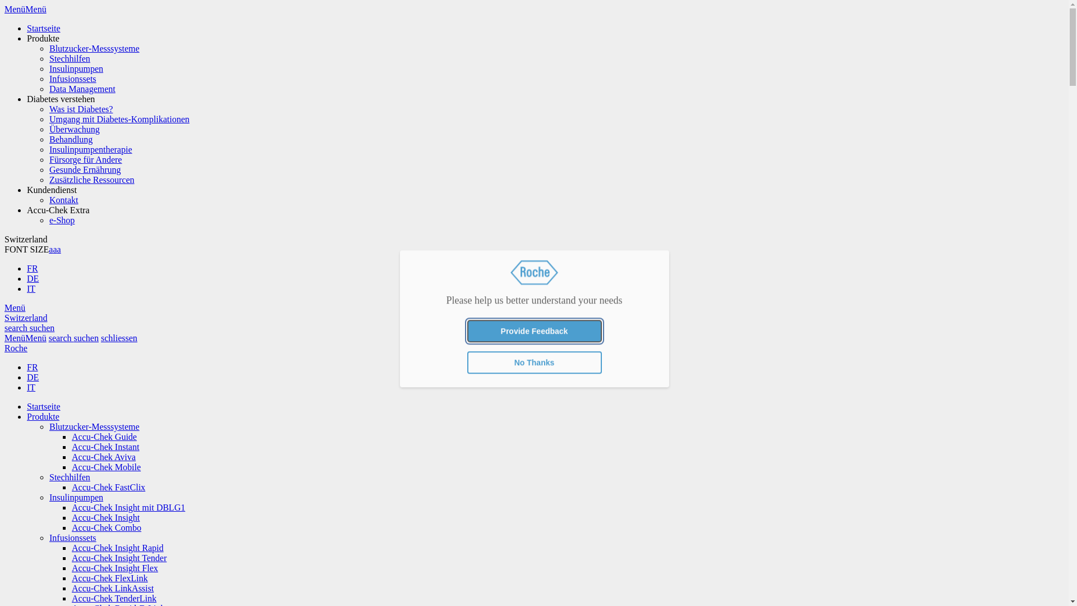 This screenshot has height=606, width=1077. Describe the element at coordinates (105, 446) in the screenshot. I see `'Accu-Chek Instant'` at that location.